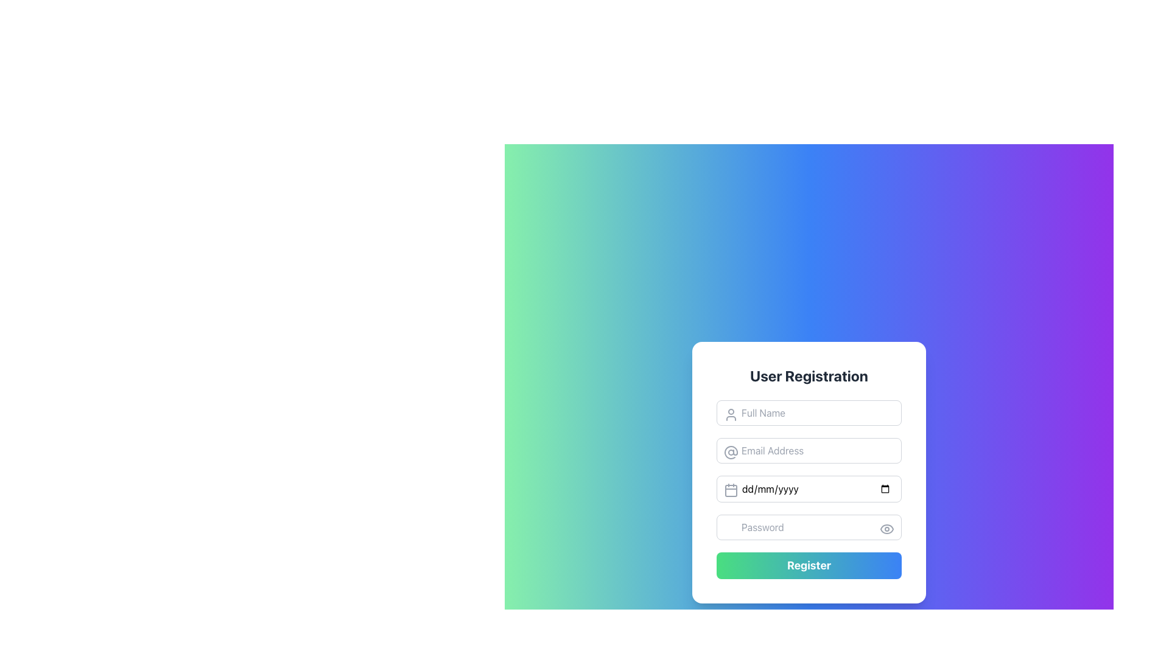 The image size is (1169, 657). What do you see at coordinates (731, 453) in the screenshot?
I see `the '@' icon with a gray outline located inside the 'Email Address' input field, positioned to the left of the field` at bounding box center [731, 453].